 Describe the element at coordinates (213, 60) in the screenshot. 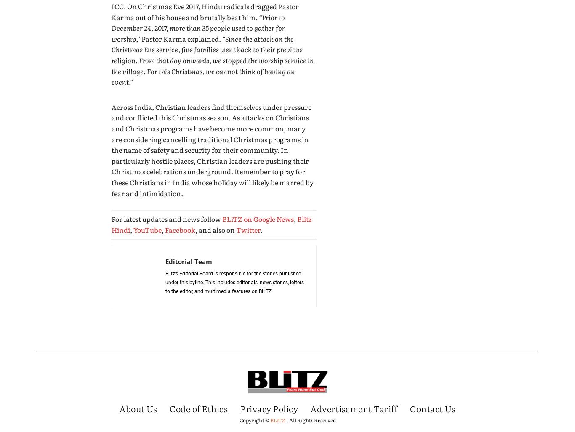

I see `'“Since the attack on the Christmas Eve service, five families went back to their previous religion. From that day onwards, we stopped the worship service in the village. For this Christmas, we cannot think of having an event.”'` at that location.